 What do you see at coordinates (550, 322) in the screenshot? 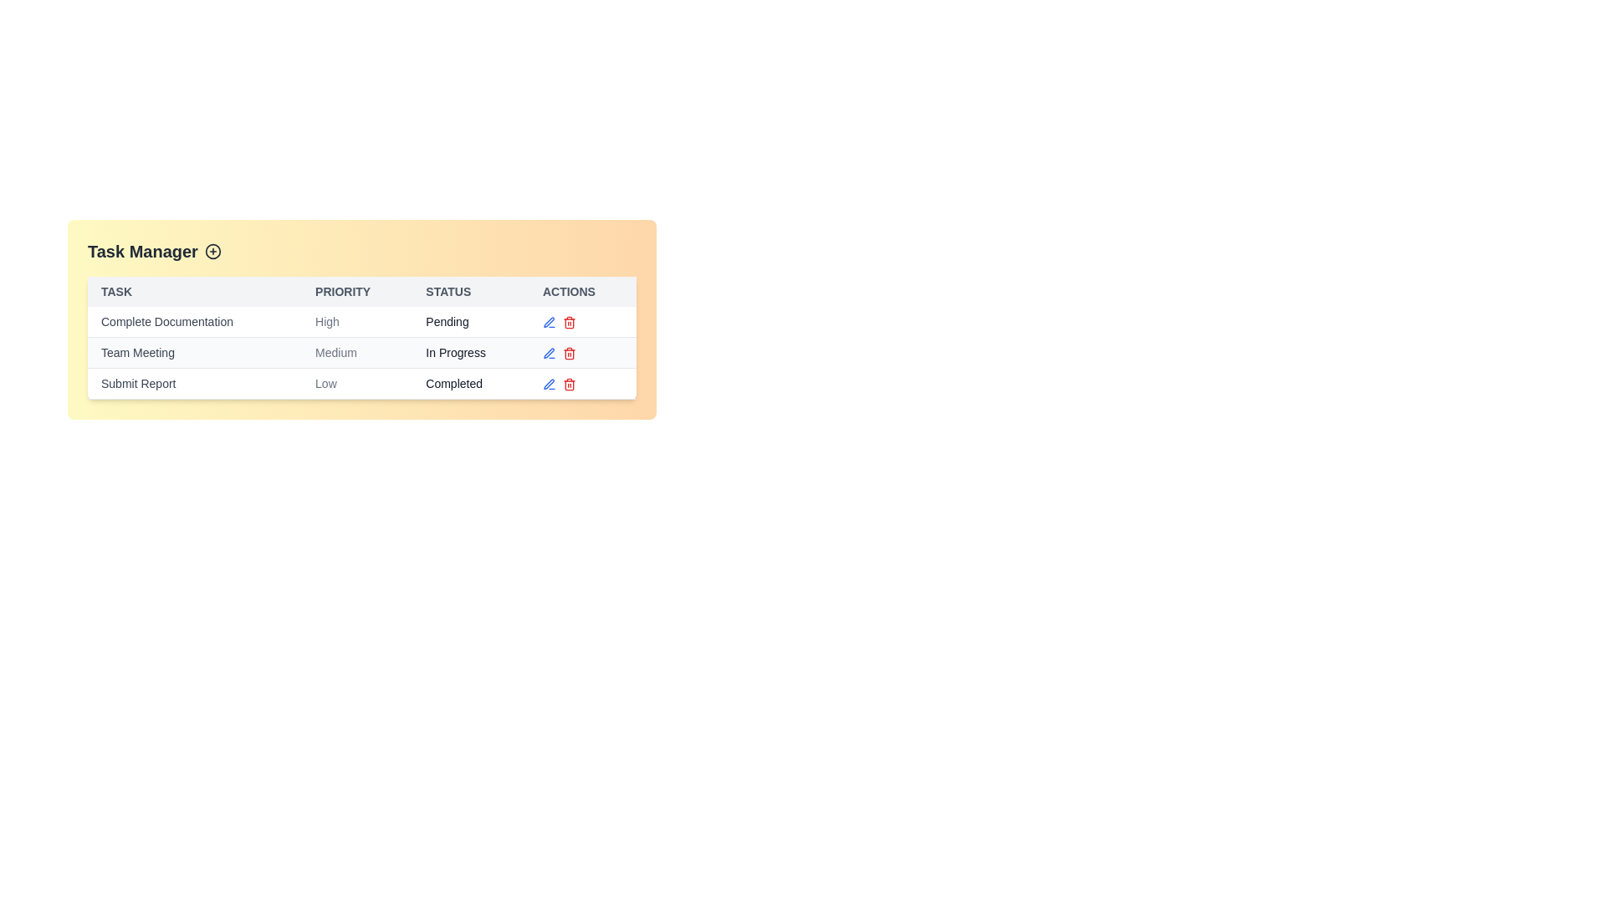
I see `edit icon next to the task named Complete Documentation` at bounding box center [550, 322].